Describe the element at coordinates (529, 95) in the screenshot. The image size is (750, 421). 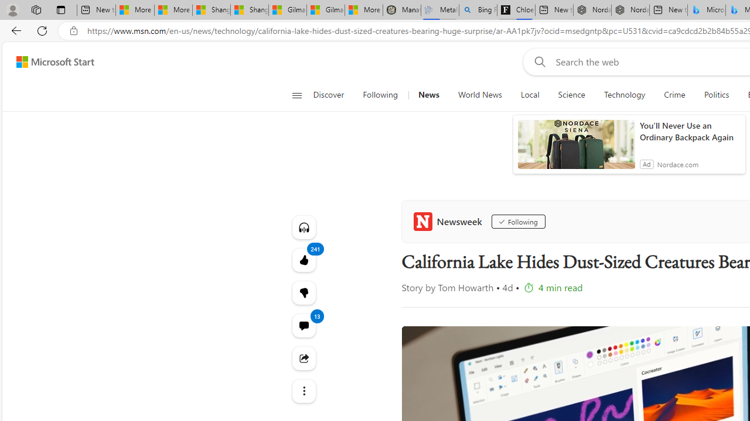
I see `'Local'` at that location.